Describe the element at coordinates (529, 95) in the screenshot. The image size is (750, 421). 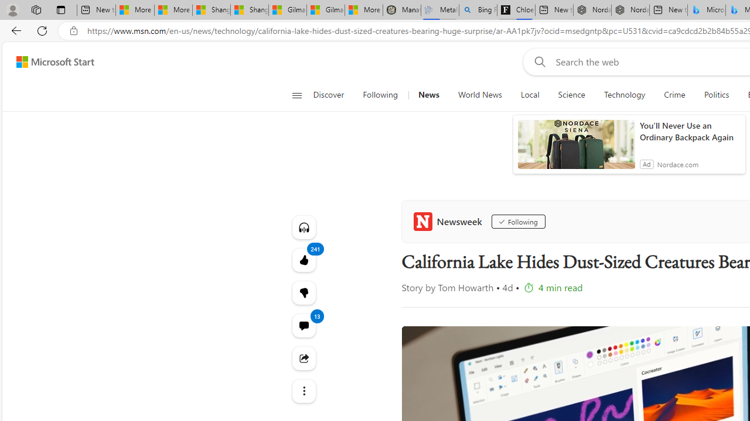
I see `'Local'` at that location.